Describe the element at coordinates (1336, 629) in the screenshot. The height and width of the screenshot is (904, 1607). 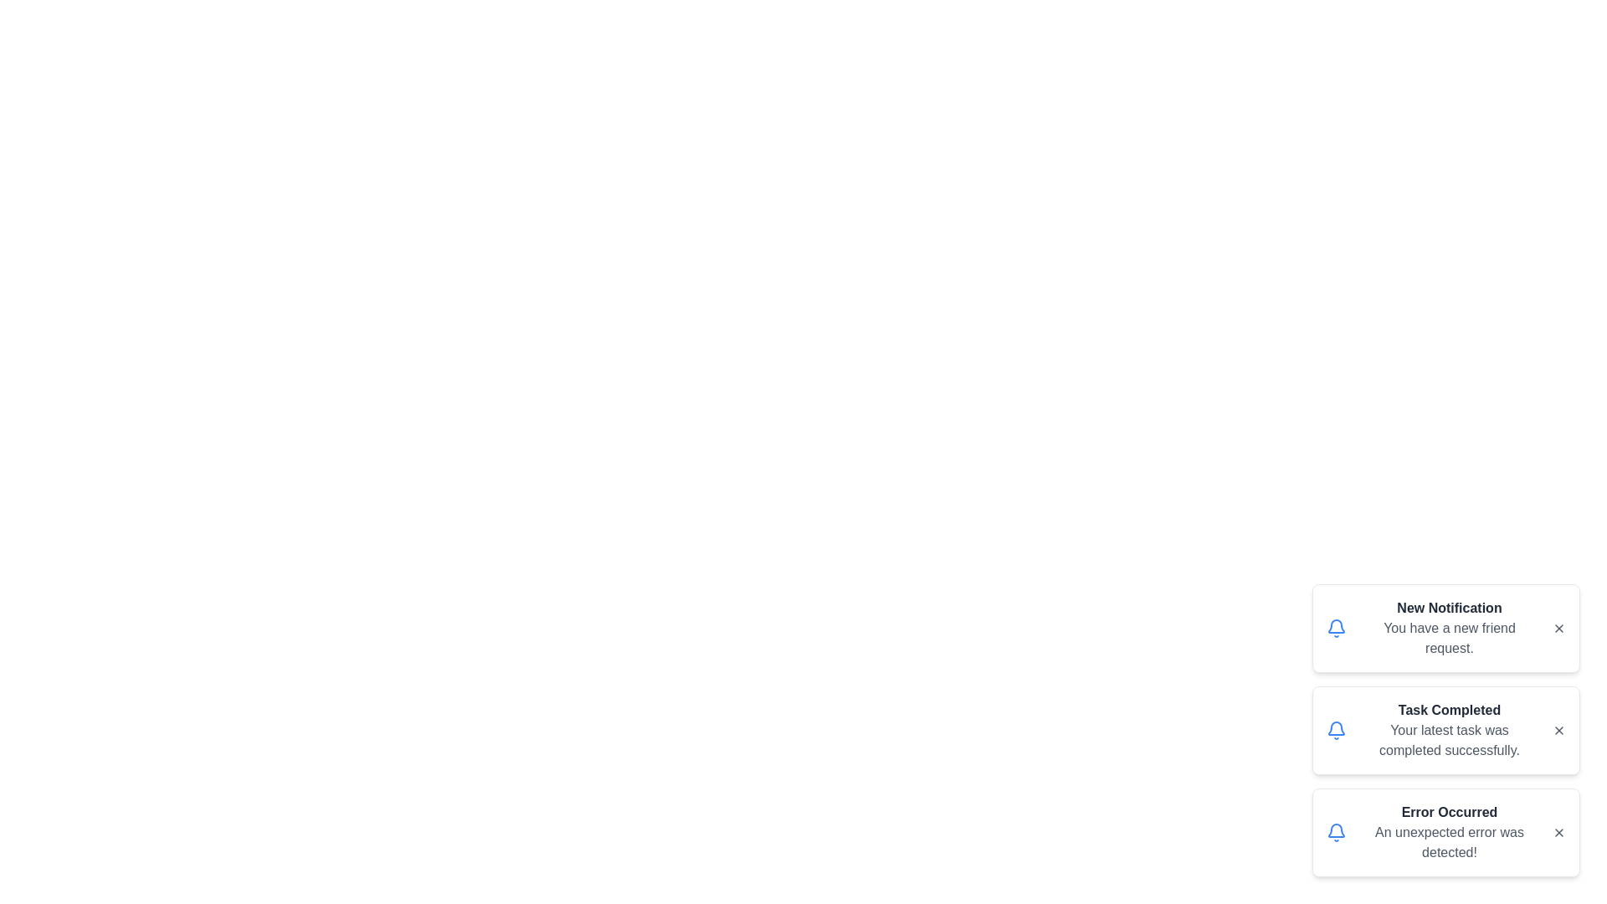
I see `the notification icon to highlight it` at that location.